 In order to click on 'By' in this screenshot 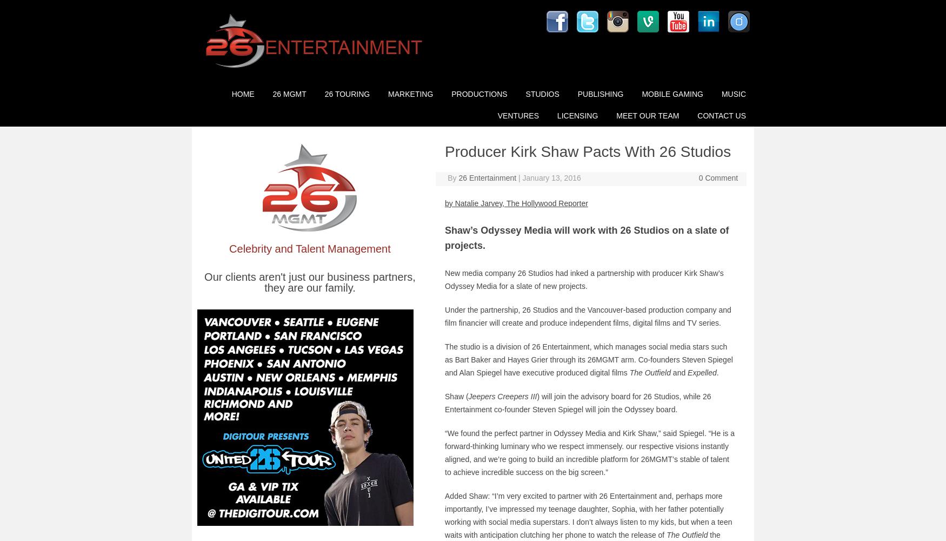, I will do `click(453, 177)`.